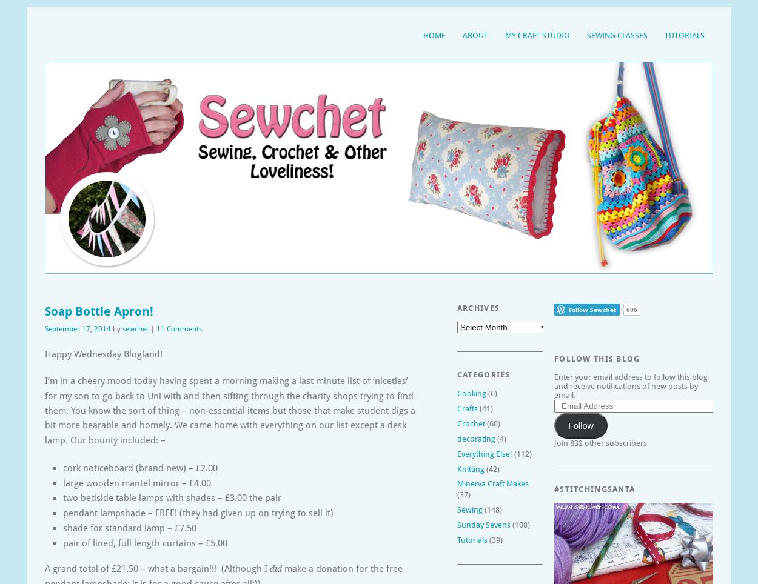 Image resolution: width=758 pixels, height=584 pixels. What do you see at coordinates (596, 358) in the screenshot?
I see `'Follow this blog'` at bounding box center [596, 358].